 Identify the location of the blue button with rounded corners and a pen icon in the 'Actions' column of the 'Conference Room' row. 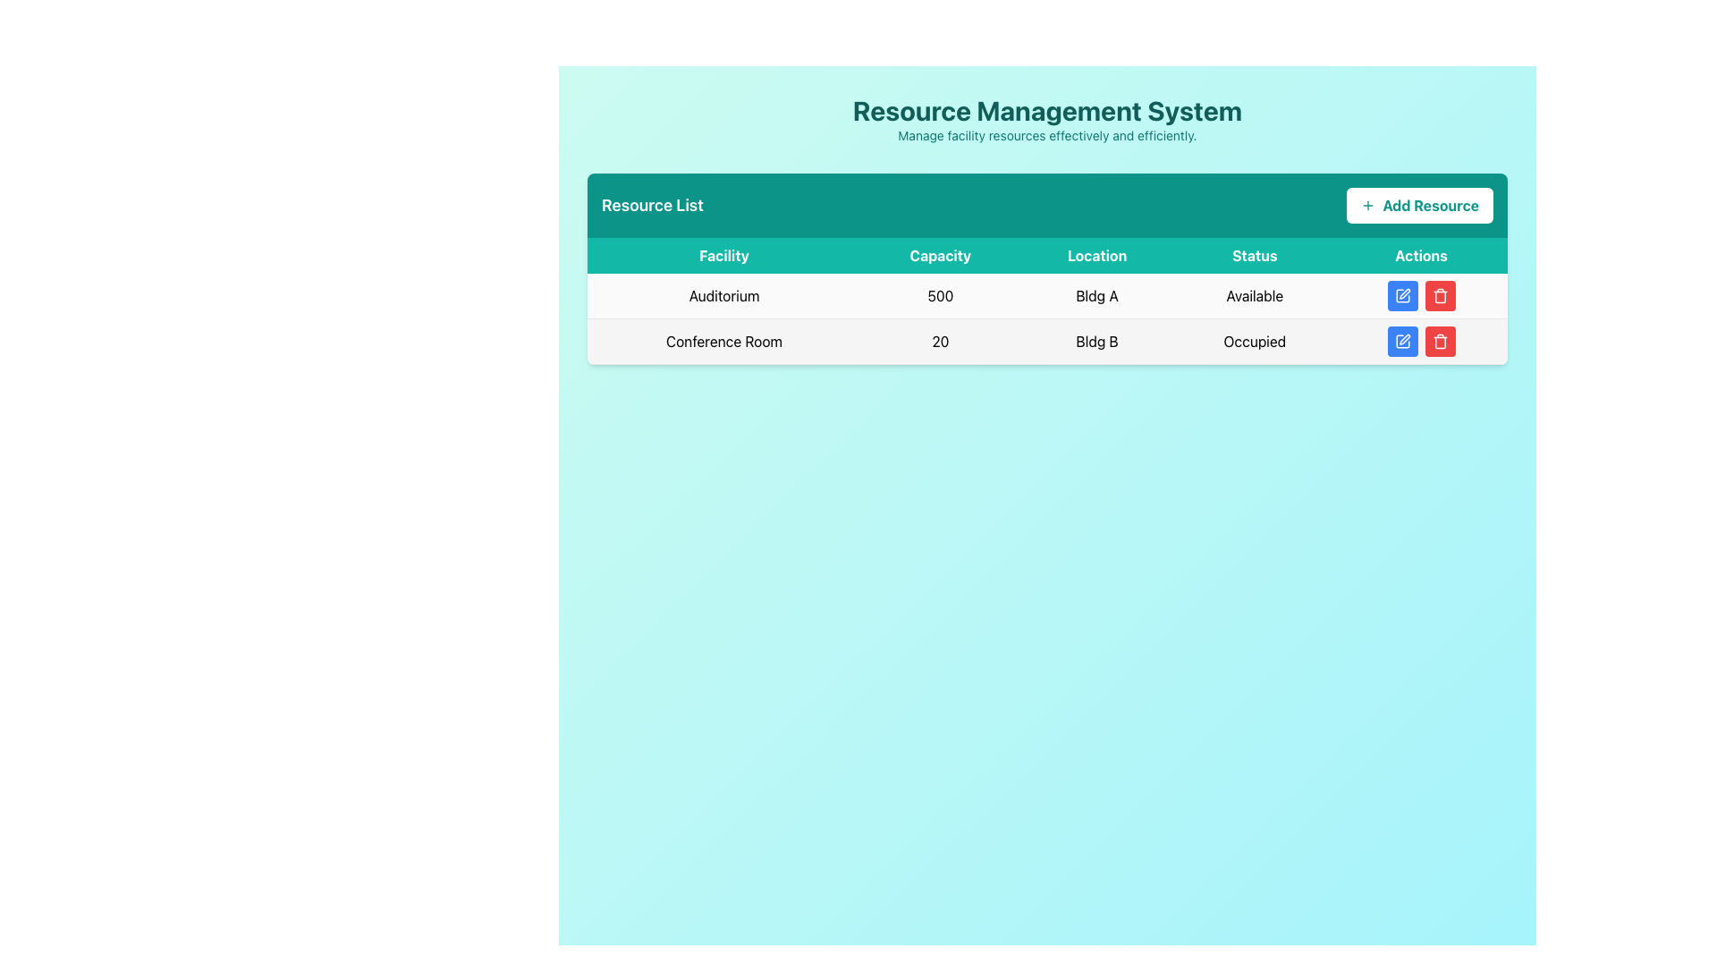
(1401, 341).